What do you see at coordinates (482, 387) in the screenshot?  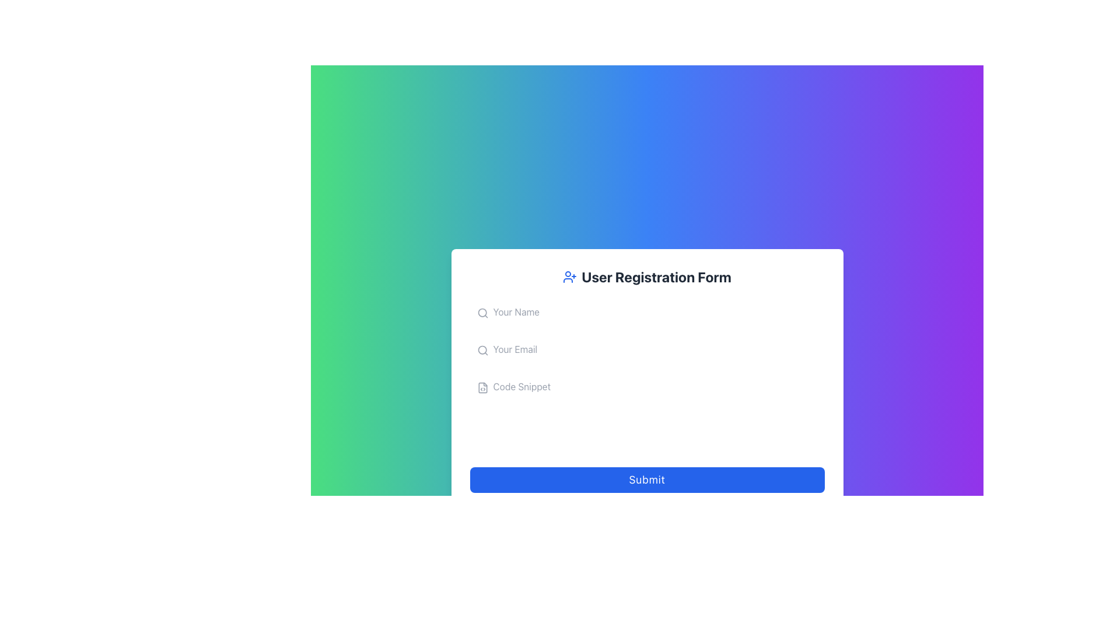 I see `the decorative icon resembling a document with a code symbol, located next to the 'Code Snippet' label` at bounding box center [482, 387].